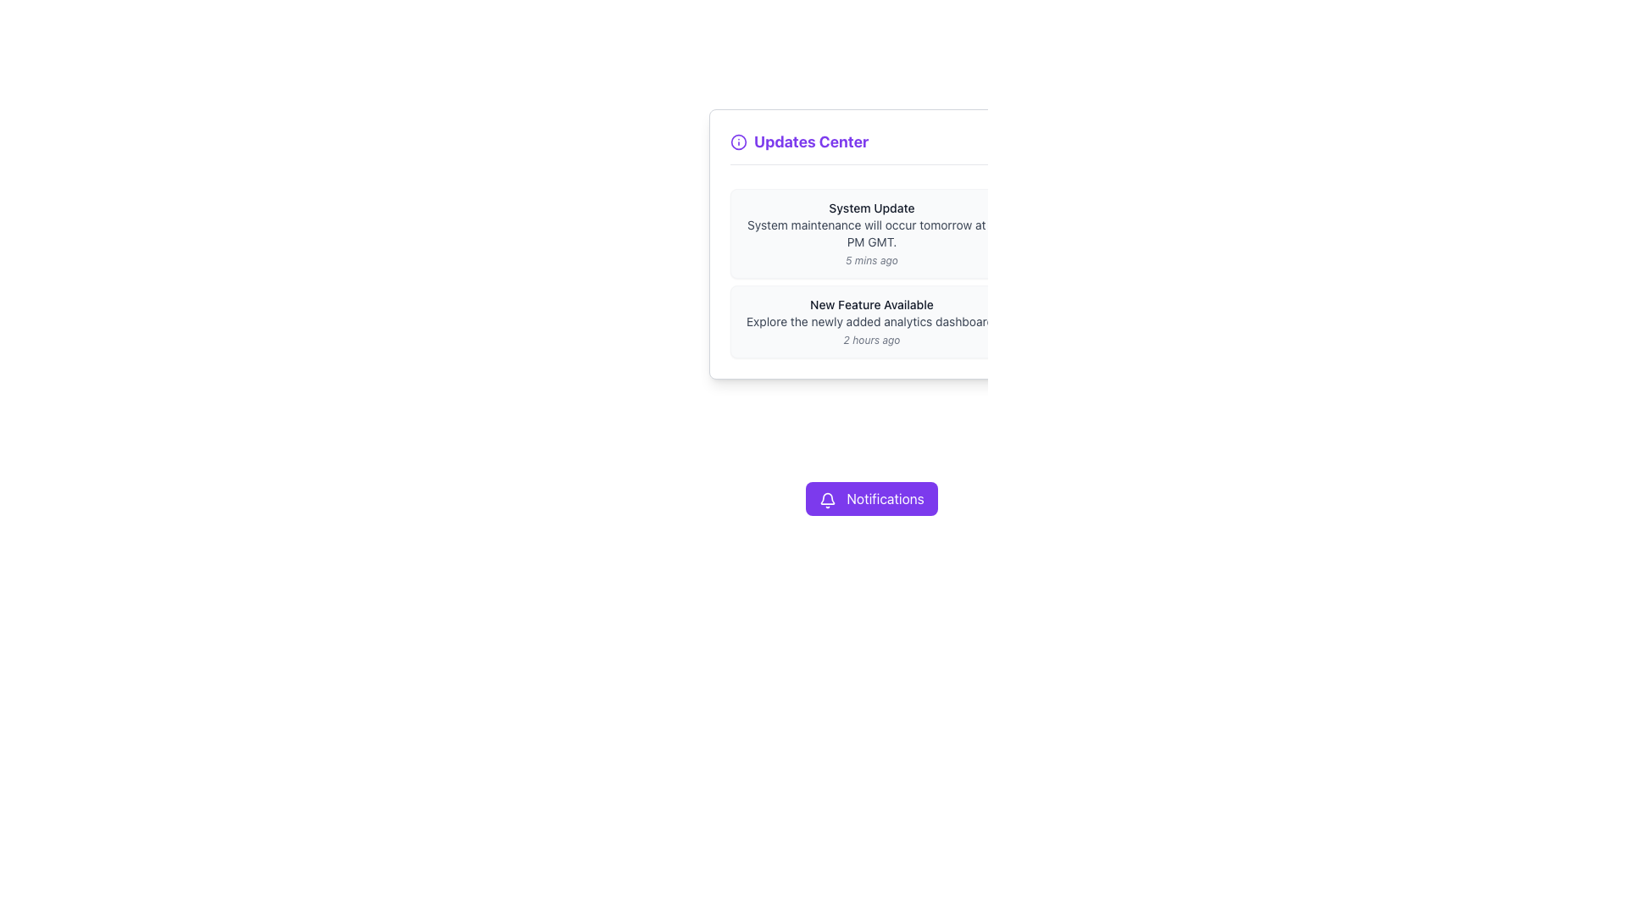  Describe the element at coordinates (871, 498) in the screenshot. I see `the rectangular violet button with rounded corners labeled 'Notifications'` at that location.